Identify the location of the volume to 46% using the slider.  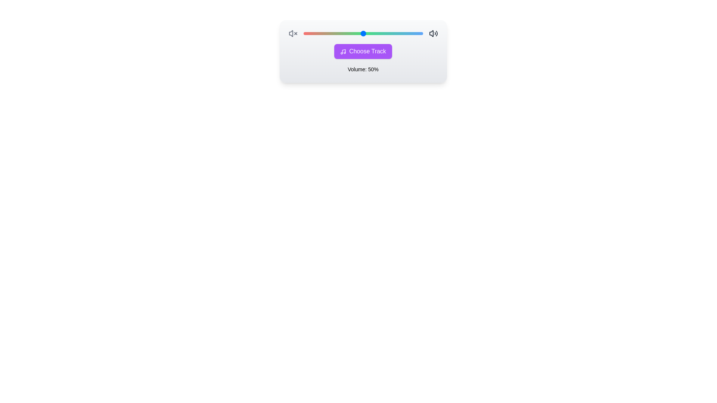
(358, 33).